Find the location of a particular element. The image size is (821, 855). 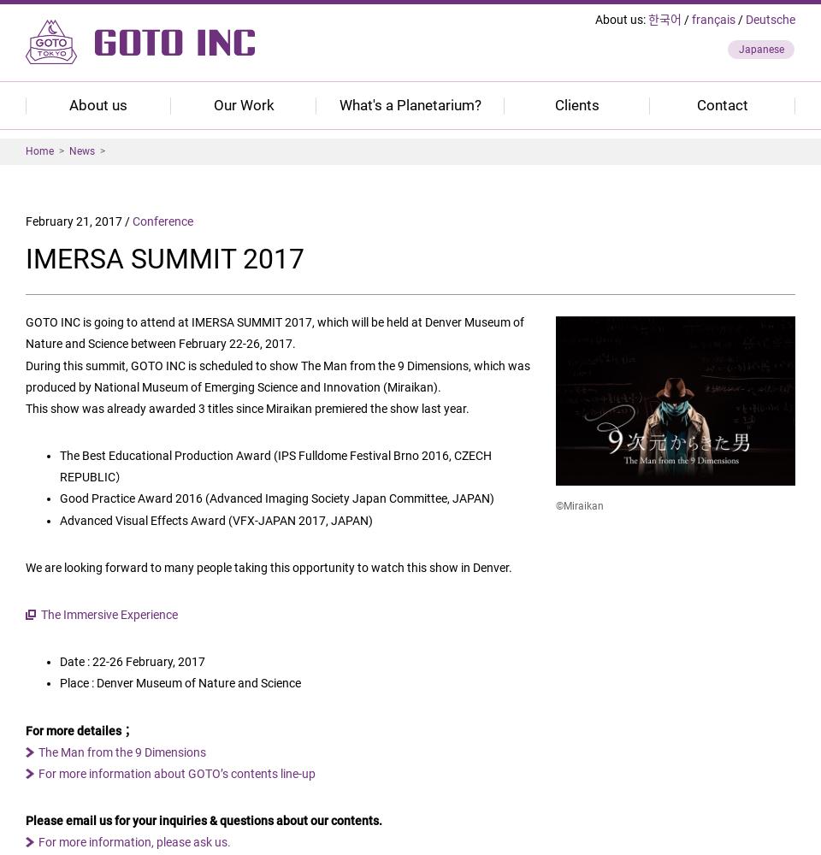

'©Miraikan' is located at coordinates (580, 505).